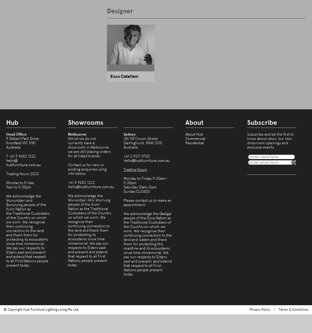 Image resolution: width=312 pixels, height=333 pixels. I want to click on 'Saturday 10am–5pm', so click(140, 187).